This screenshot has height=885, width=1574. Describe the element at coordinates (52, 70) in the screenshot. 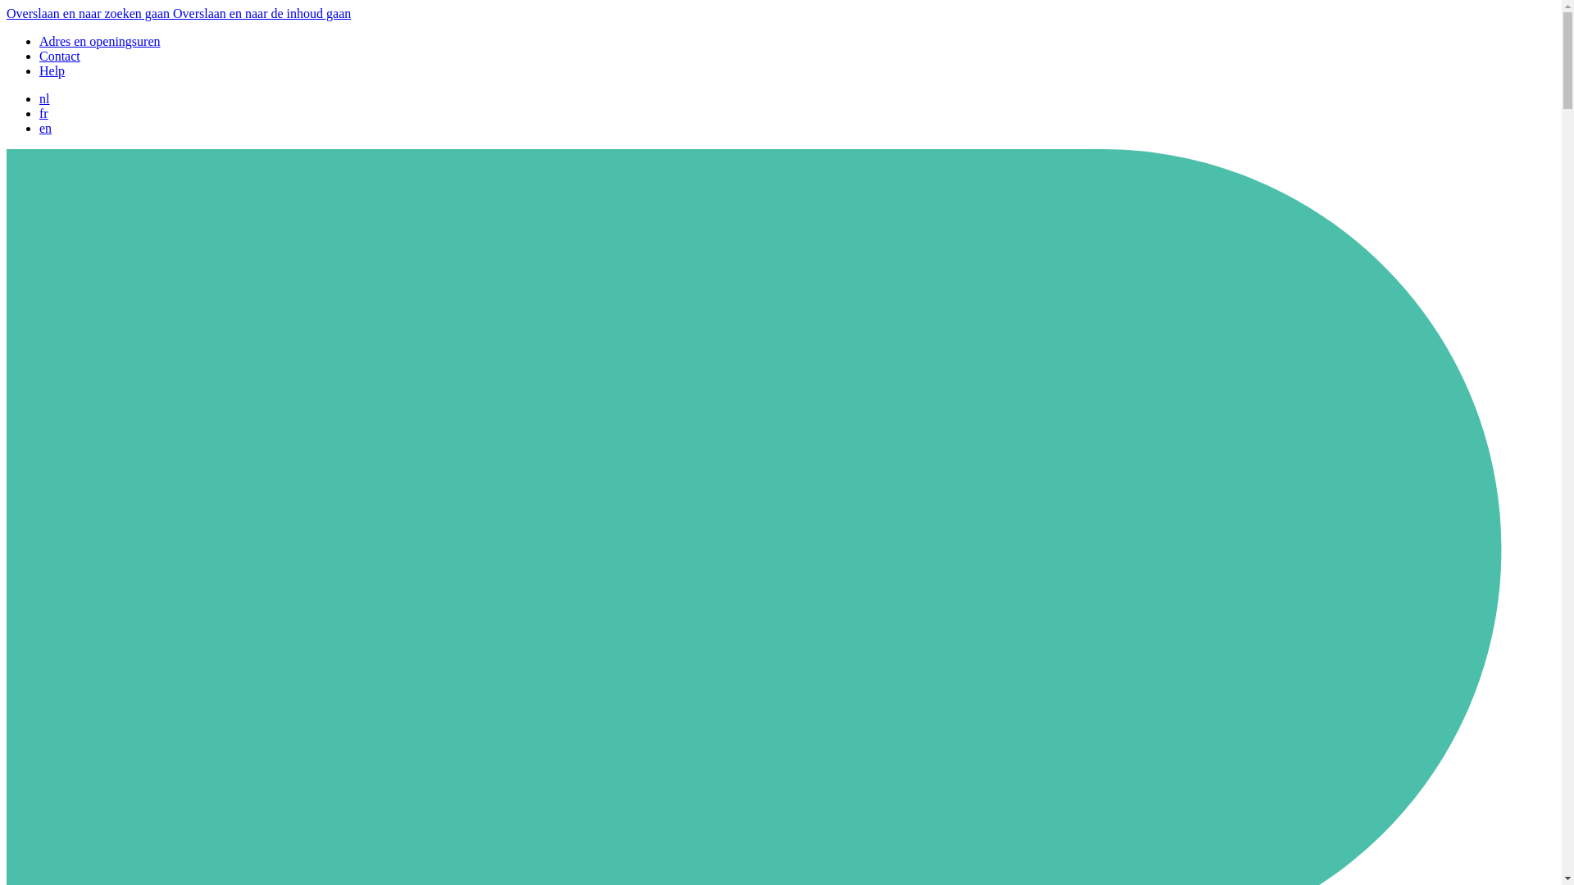

I see `'Help'` at that location.